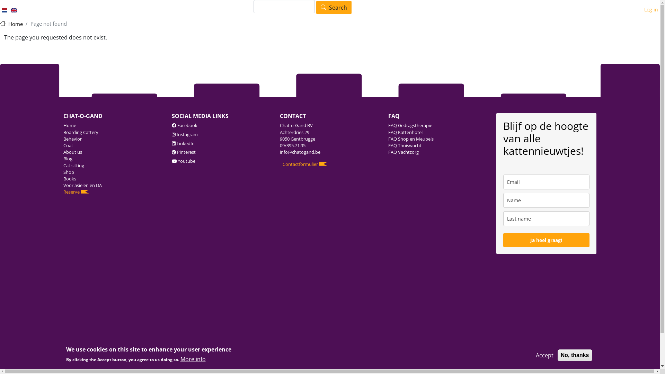 This screenshot has width=665, height=374. Describe the element at coordinates (193, 359) in the screenshot. I see `'More info'` at that location.